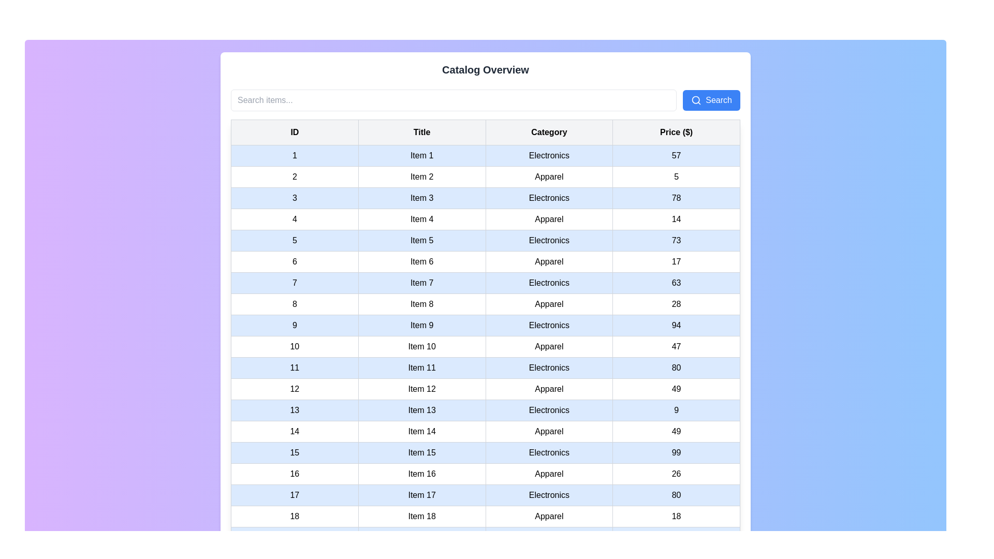 Image resolution: width=994 pixels, height=559 pixels. What do you see at coordinates (294, 431) in the screenshot?
I see `the table cell containing the text '14', which is the leftmost cell in a row labeled 'ID'` at bounding box center [294, 431].